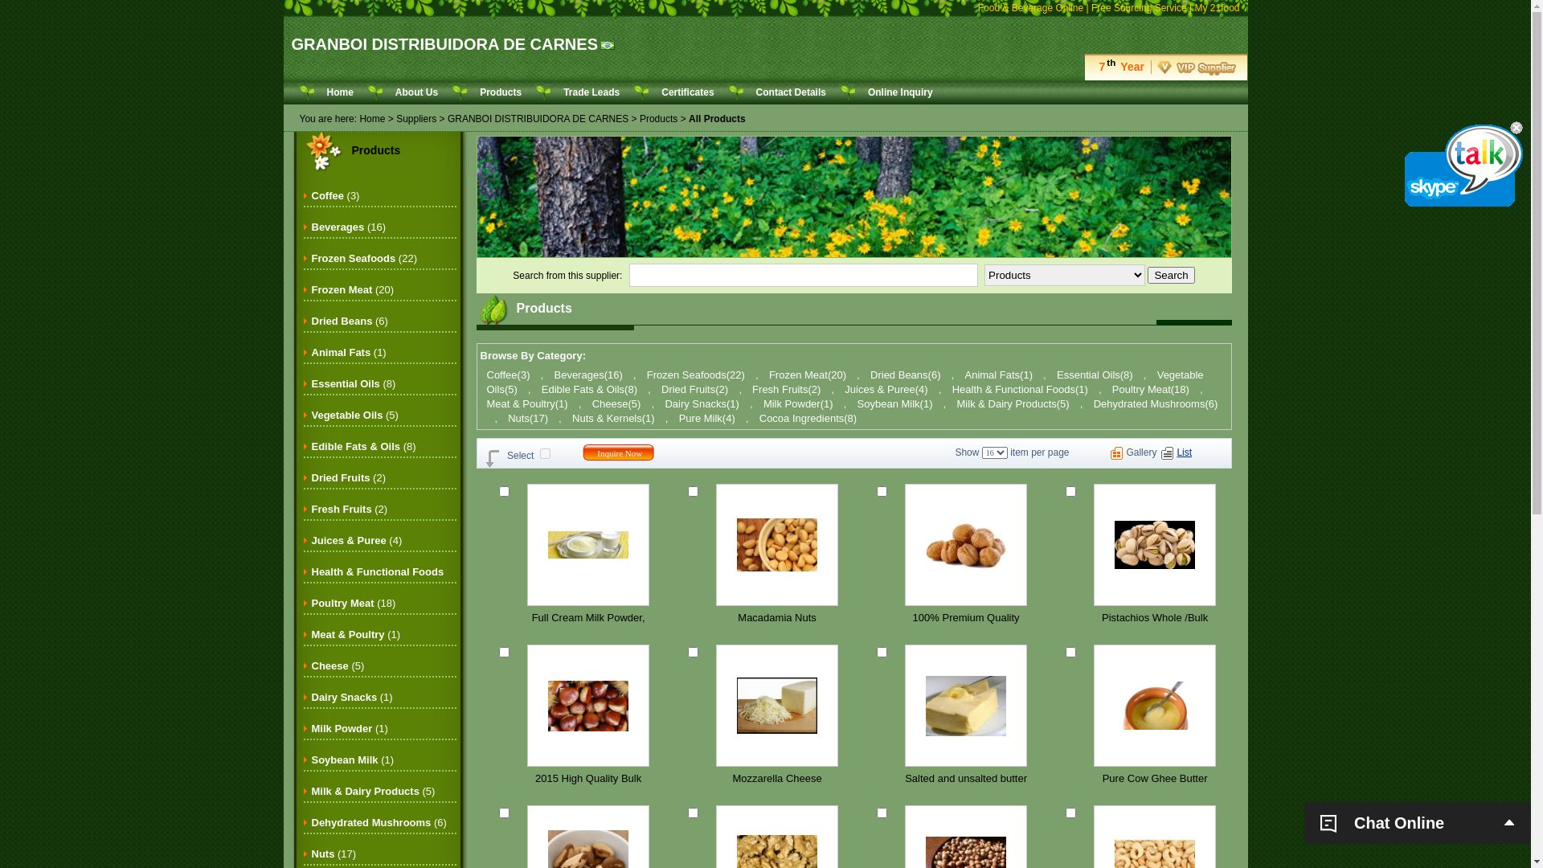 This screenshot has height=868, width=1543. Describe the element at coordinates (867, 92) in the screenshot. I see `'Online Inquiry'` at that location.